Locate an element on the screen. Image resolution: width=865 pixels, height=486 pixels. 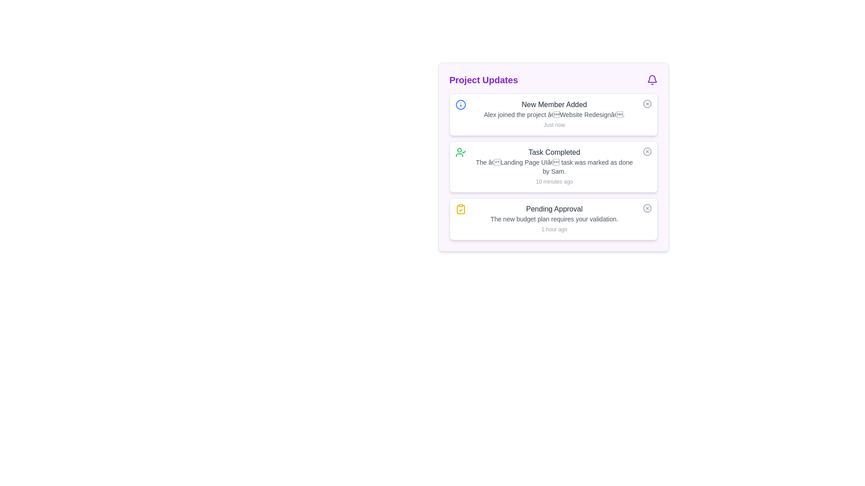
the 'Task Completed' label, which is displayed in a medium-sized, bold font with dark gray color, located at the top of the second notification card in the 'Project Updates' panel is located at coordinates (554, 152).